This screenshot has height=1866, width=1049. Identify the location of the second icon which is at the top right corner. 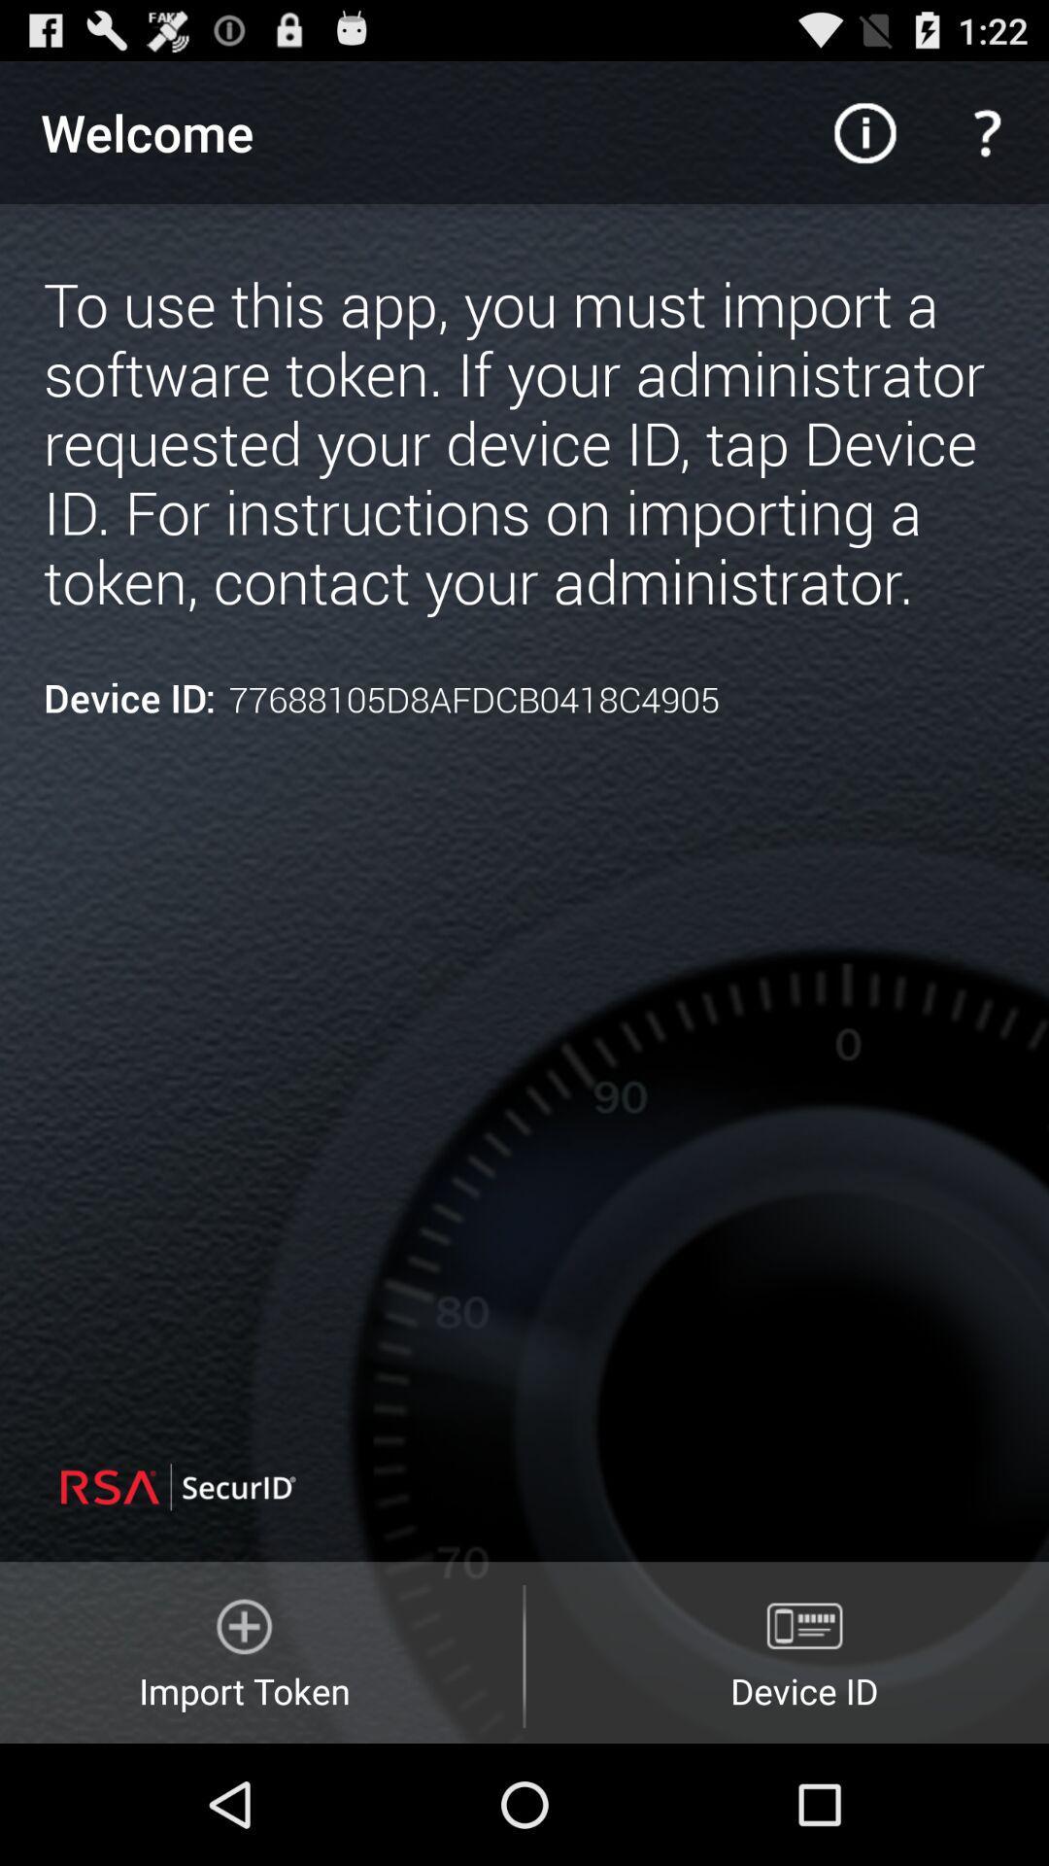
(988, 132).